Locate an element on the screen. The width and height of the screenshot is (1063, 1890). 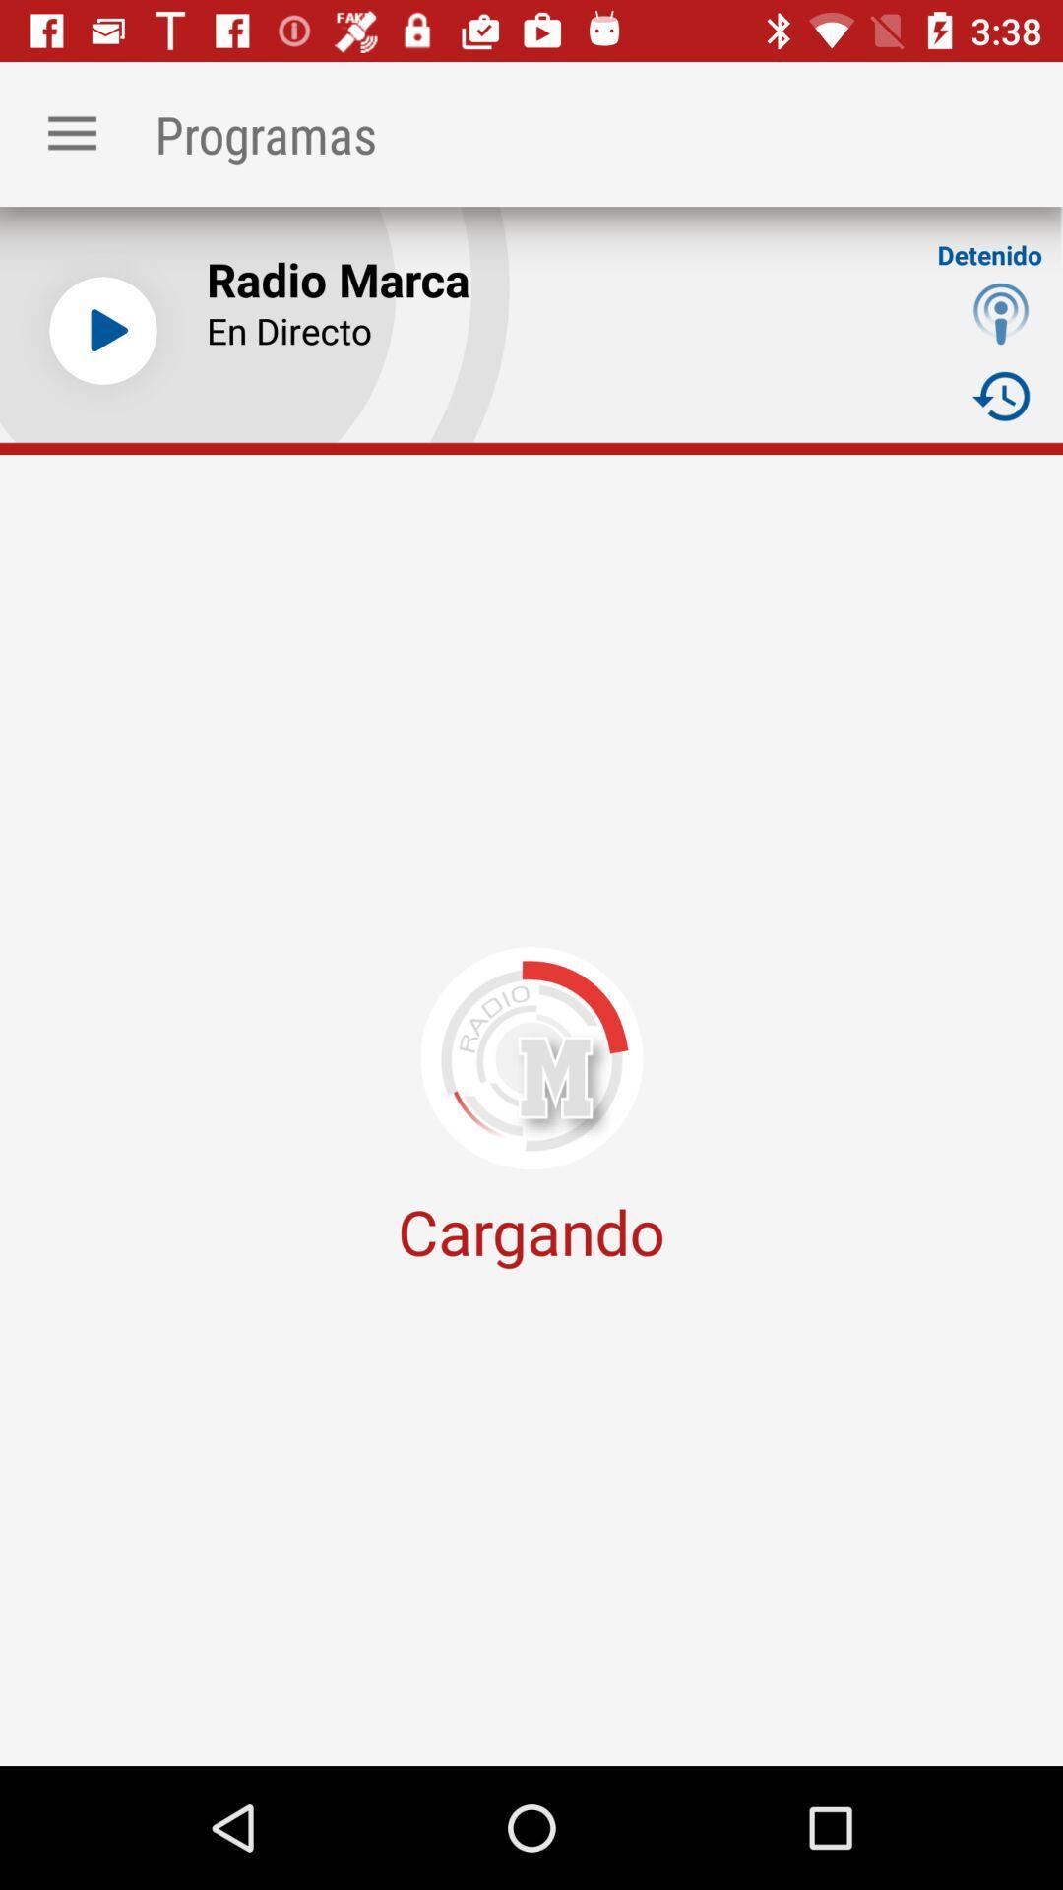
the icon to the left of the radio marca item is located at coordinates (102, 331).